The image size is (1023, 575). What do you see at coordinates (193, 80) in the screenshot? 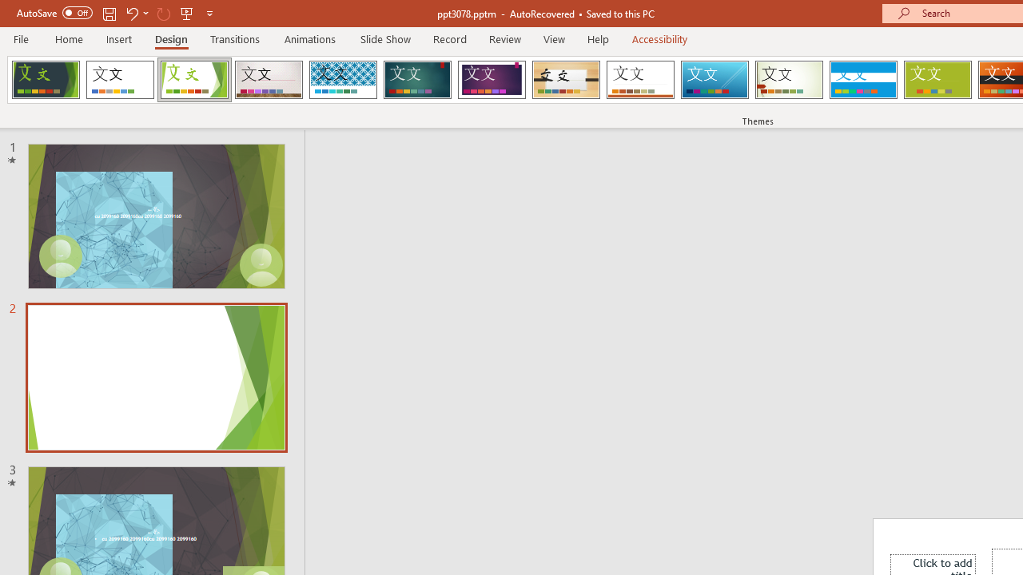
I see `'Facet'` at bounding box center [193, 80].